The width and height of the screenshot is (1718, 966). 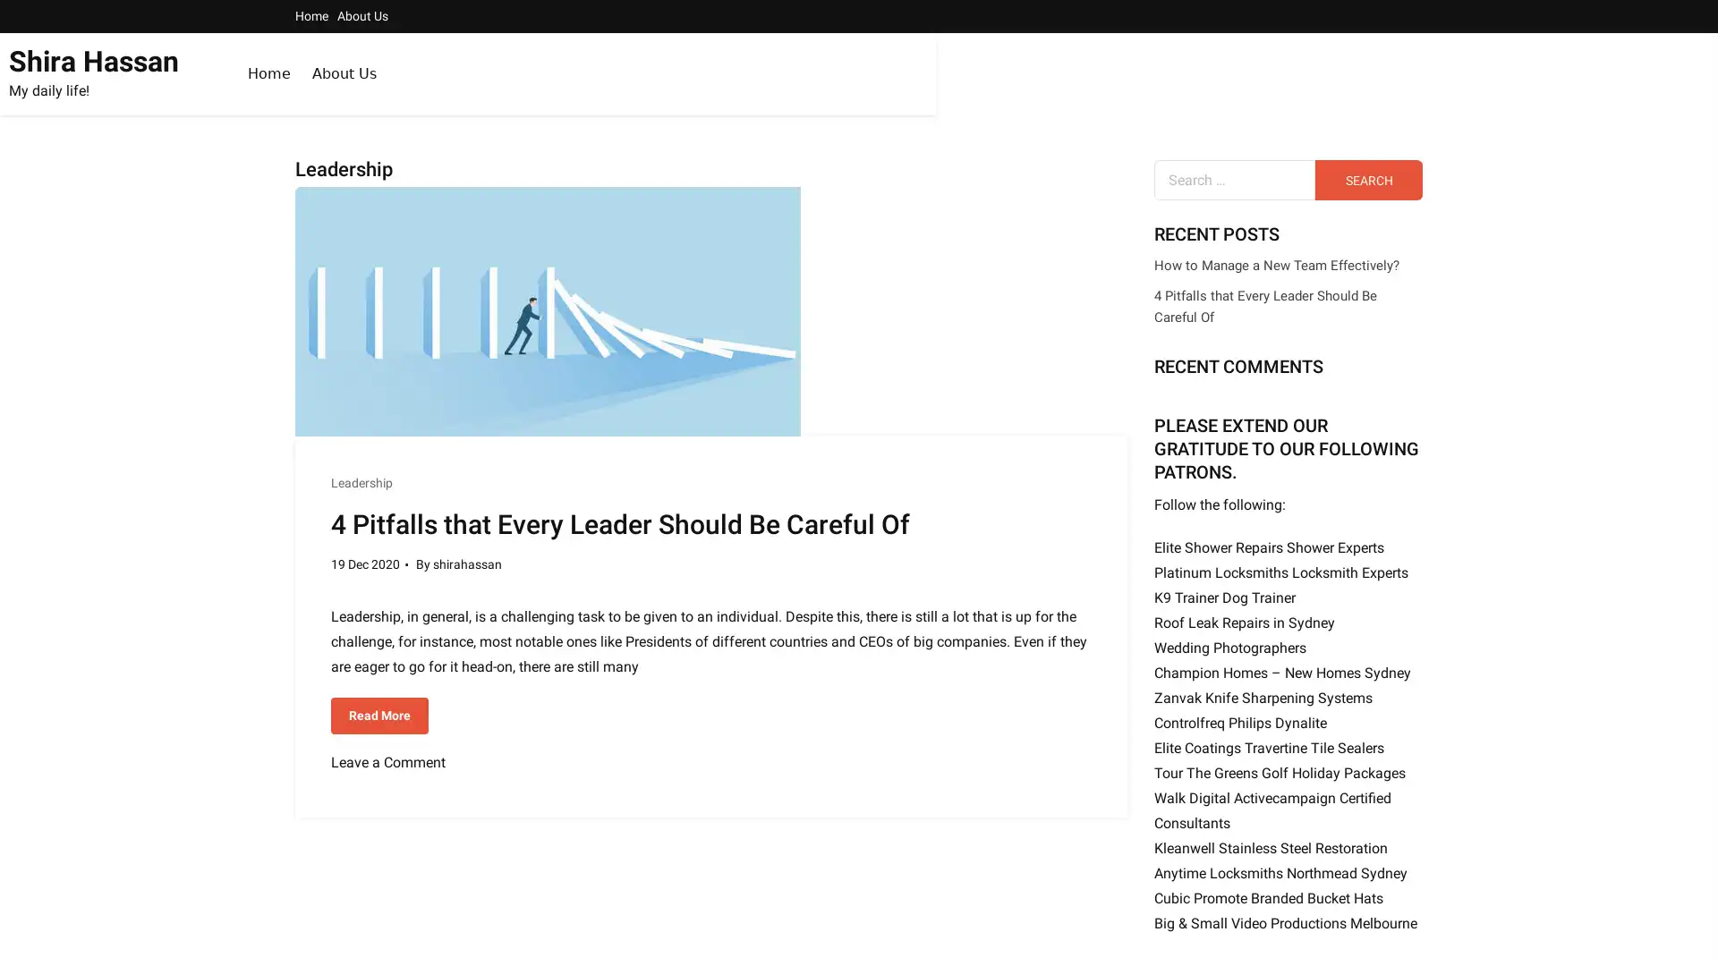 What do you see at coordinates (1368, 180) in the screenshot?
I see `Search` at bounding box center [1368, 180].